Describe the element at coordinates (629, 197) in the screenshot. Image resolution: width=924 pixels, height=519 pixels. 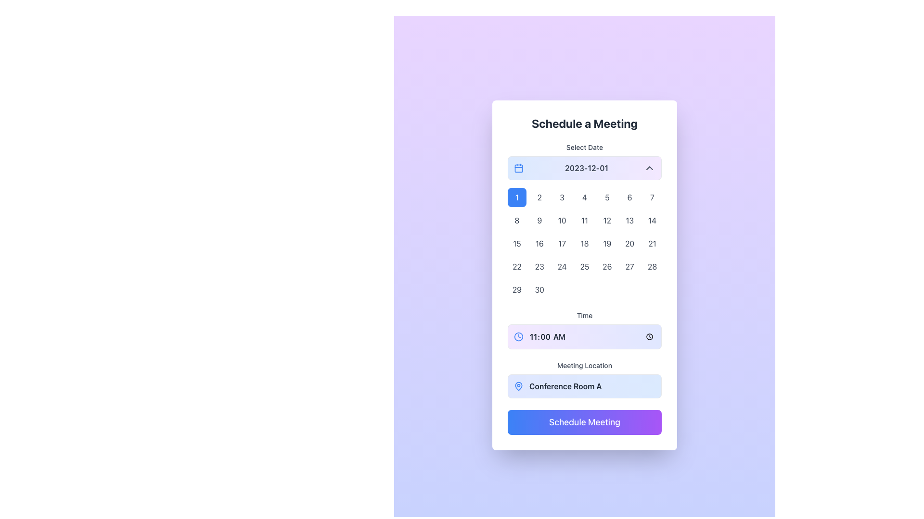
I see `the rectangular button displaying the number '6'` at that location.